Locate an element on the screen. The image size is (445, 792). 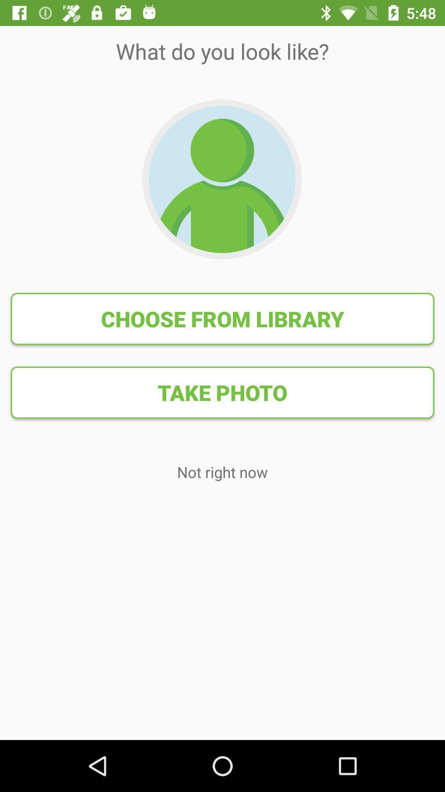
the choose from library is located at coordinates (222, 318).